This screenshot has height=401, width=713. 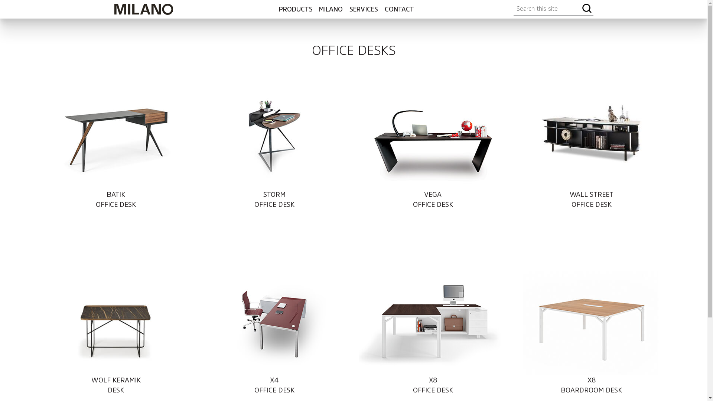 What do you see at coordinates (274, 152) in the screenshot?
I see `'STORM` at bounding box center [274, 152].